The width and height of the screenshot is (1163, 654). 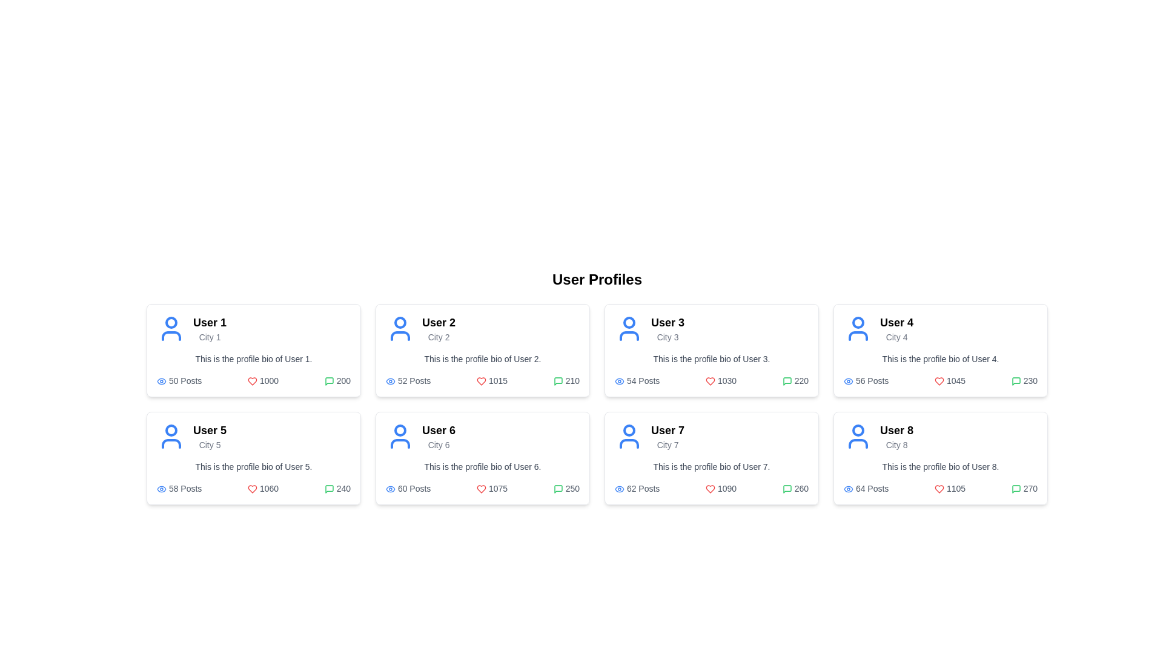 I want to click on the profile icon located in the top row, second column of the user profile grid, which visually represents the user's profile information, so click(x=400, y=329).